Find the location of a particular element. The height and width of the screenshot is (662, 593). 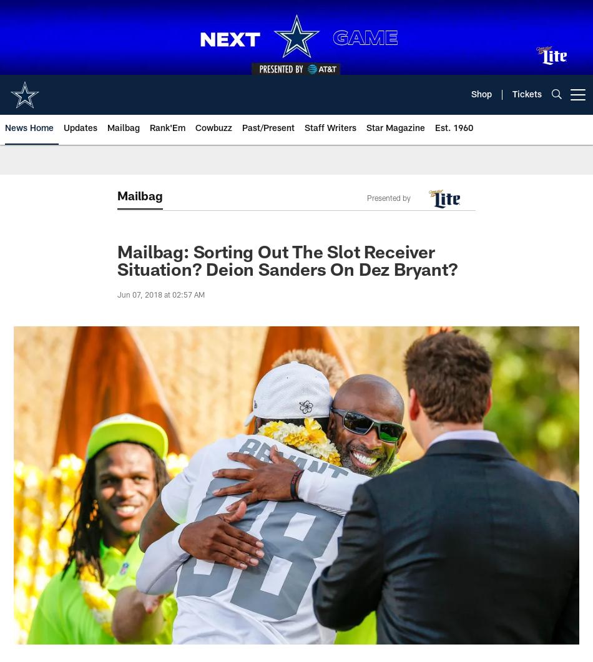

'Staff Writers' is located at coordinates (330, 129).